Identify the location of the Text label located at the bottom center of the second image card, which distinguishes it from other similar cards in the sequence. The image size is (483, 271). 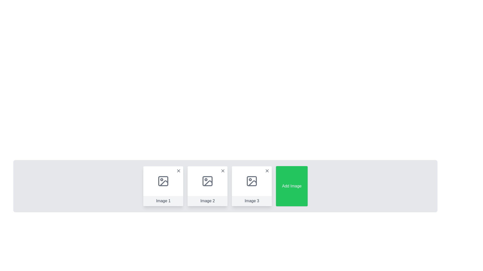
(208, 201).